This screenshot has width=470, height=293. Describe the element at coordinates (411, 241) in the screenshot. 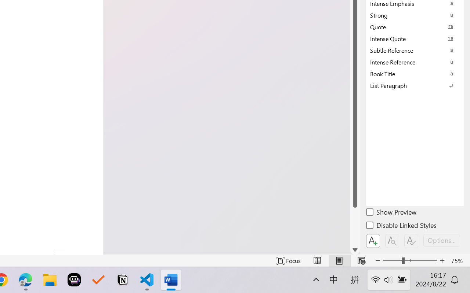

I see `'Class: NetUIButton'` at that location.